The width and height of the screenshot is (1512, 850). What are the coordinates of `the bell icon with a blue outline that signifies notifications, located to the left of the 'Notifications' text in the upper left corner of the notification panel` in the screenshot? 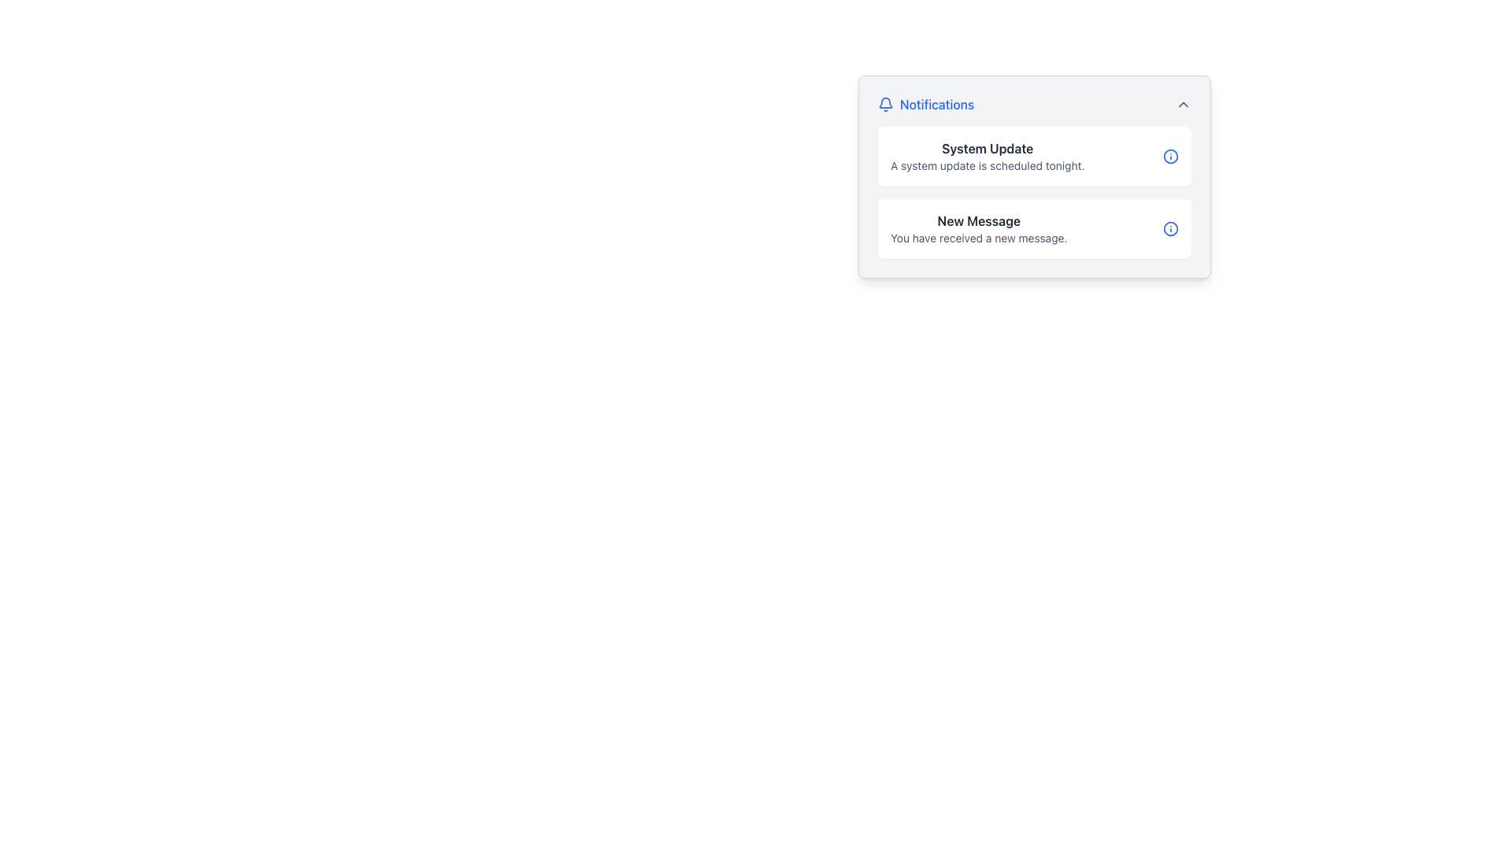 It's located at (885, 104).